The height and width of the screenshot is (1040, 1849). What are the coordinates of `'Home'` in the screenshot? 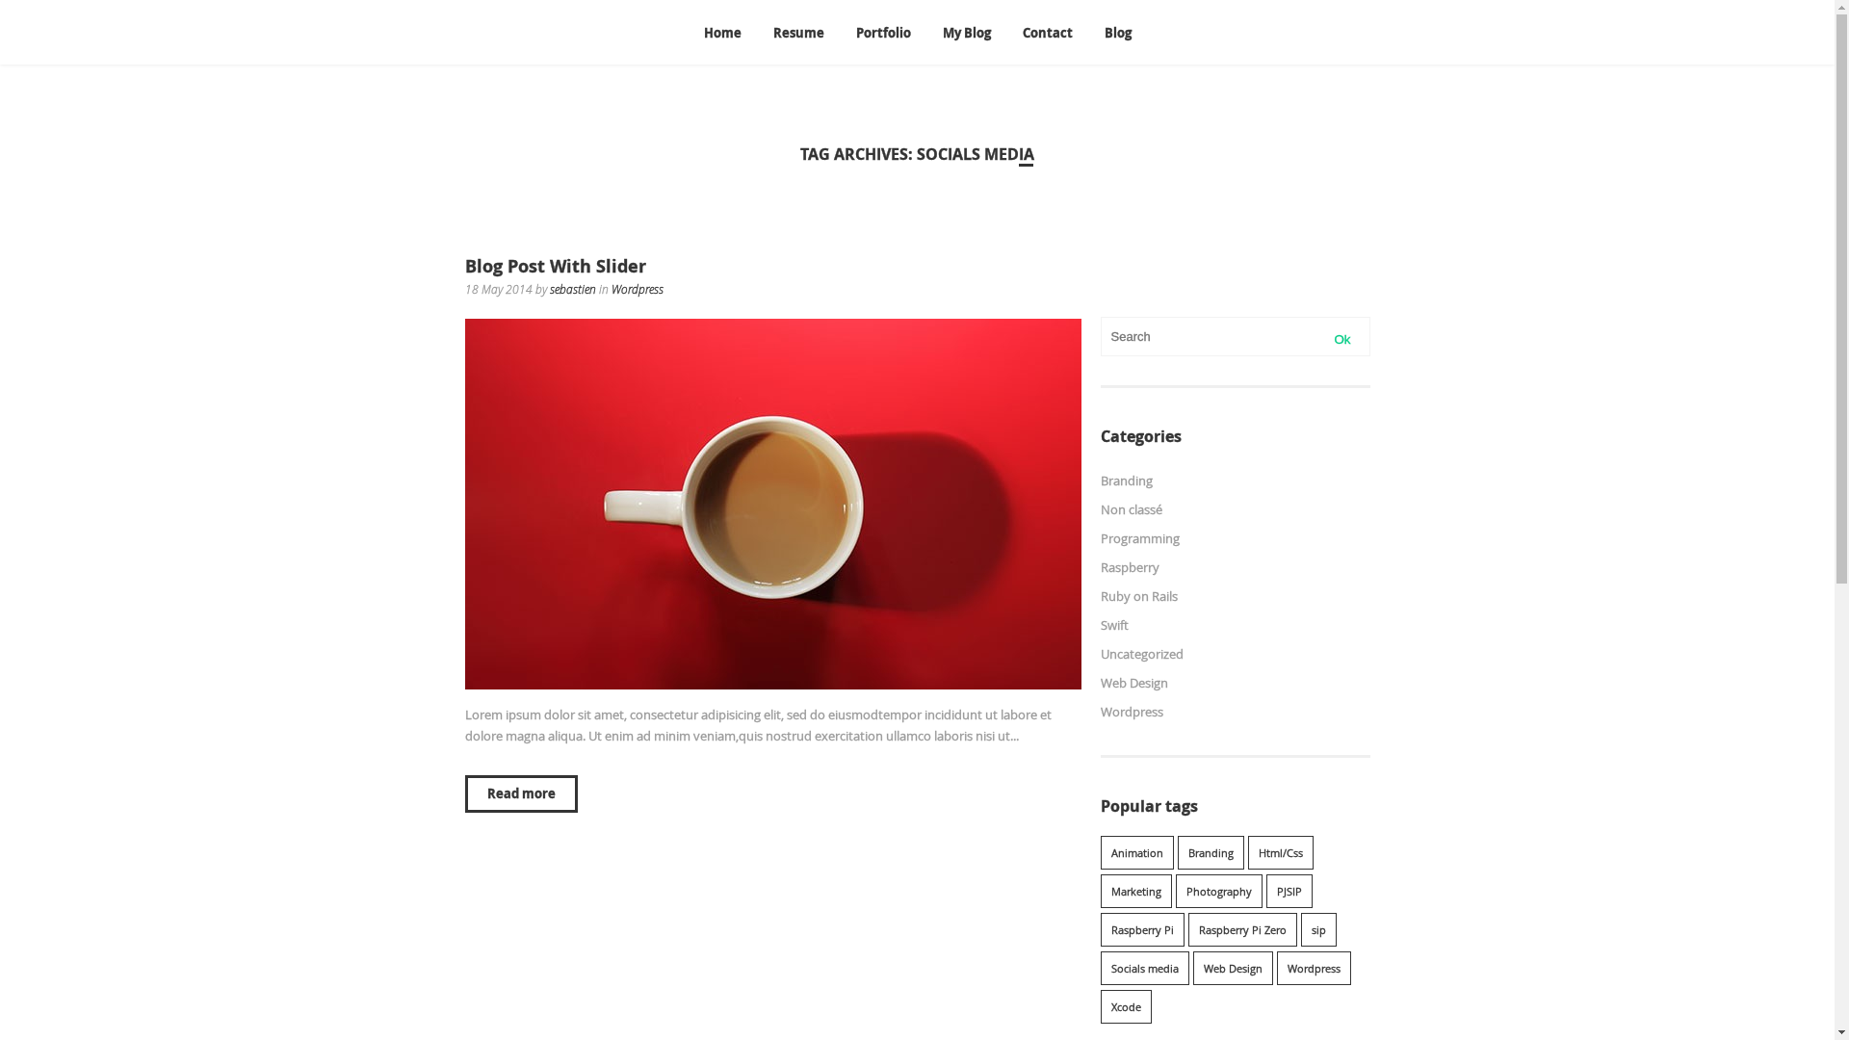 It's located at (689, 33).